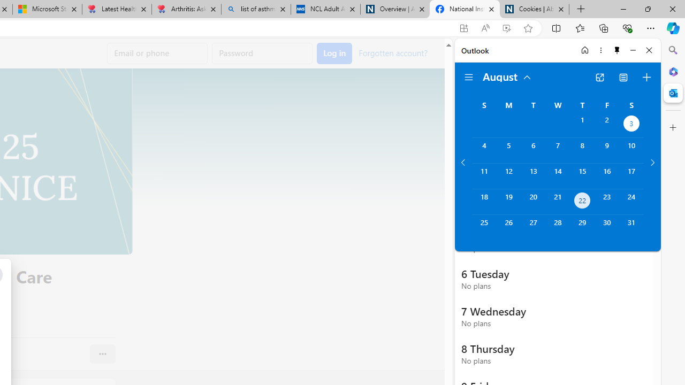 The width and height of the screenshot is (685, 385). I want to click on 'Thursday, August 29, 2024. ', so click(582, 227).